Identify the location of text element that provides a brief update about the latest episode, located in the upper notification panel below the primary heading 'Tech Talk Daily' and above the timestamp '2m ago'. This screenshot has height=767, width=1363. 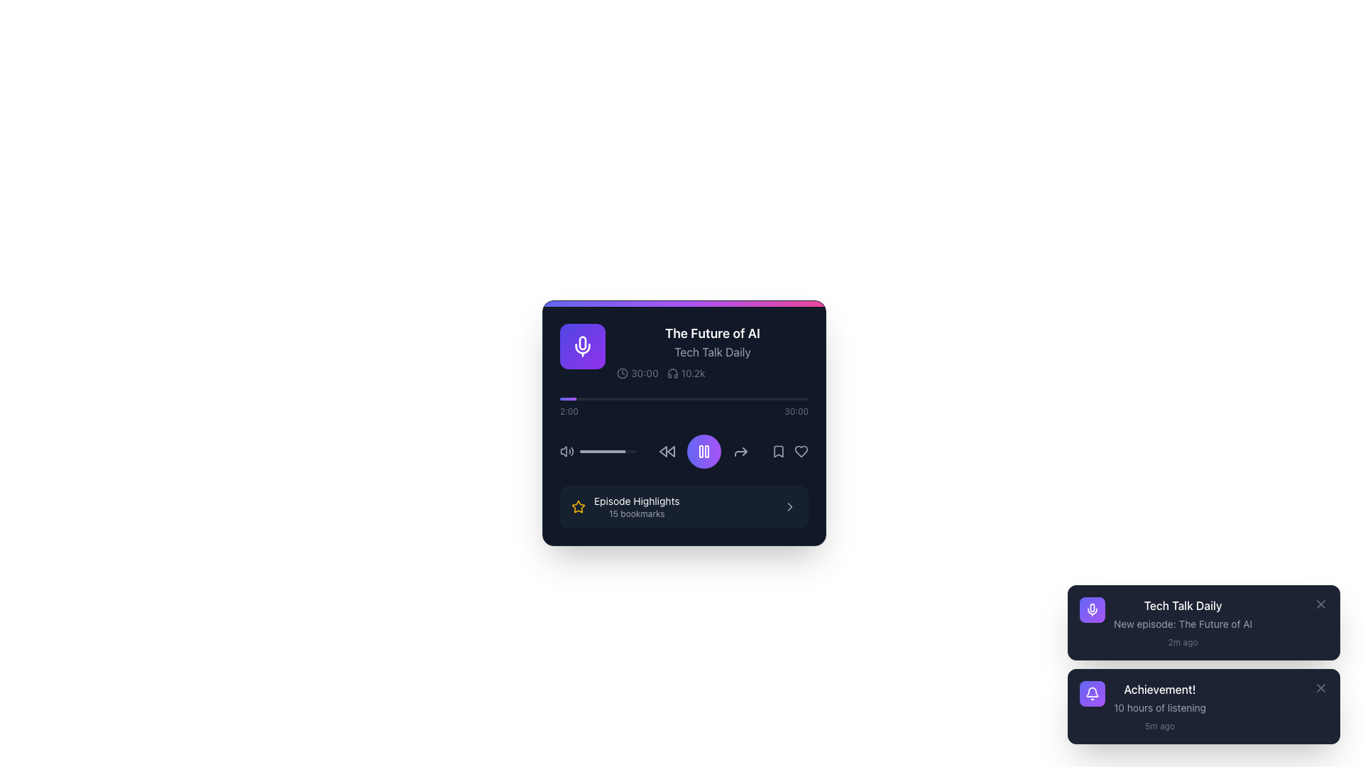
(1183, 624).